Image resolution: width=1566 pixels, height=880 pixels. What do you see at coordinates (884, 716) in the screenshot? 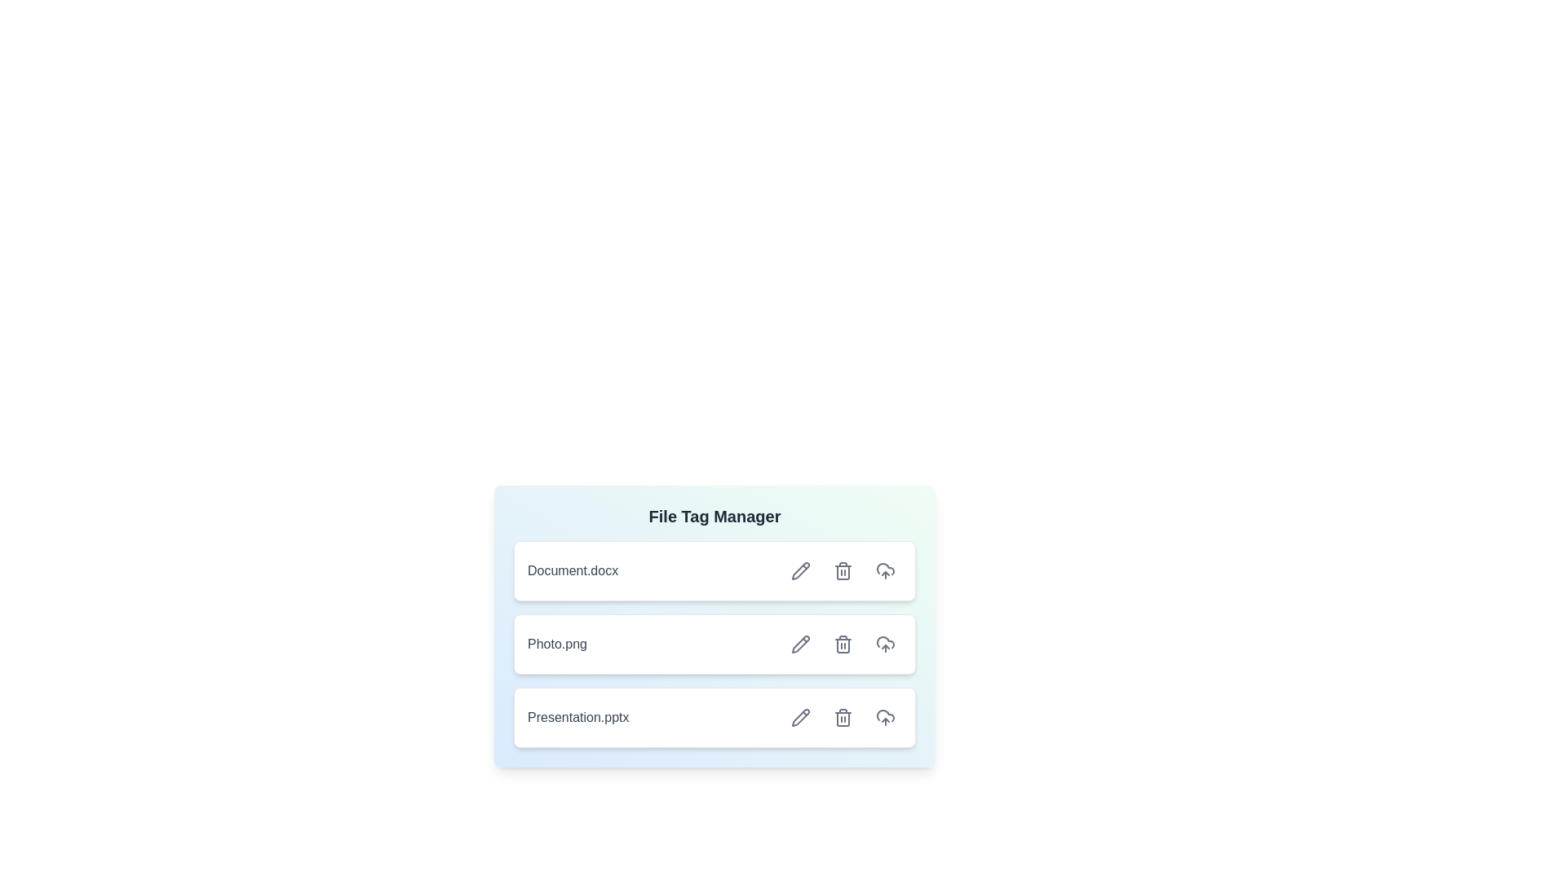
I see `upload button for the file Presentation.pptx` at bounding box center [884, 716].